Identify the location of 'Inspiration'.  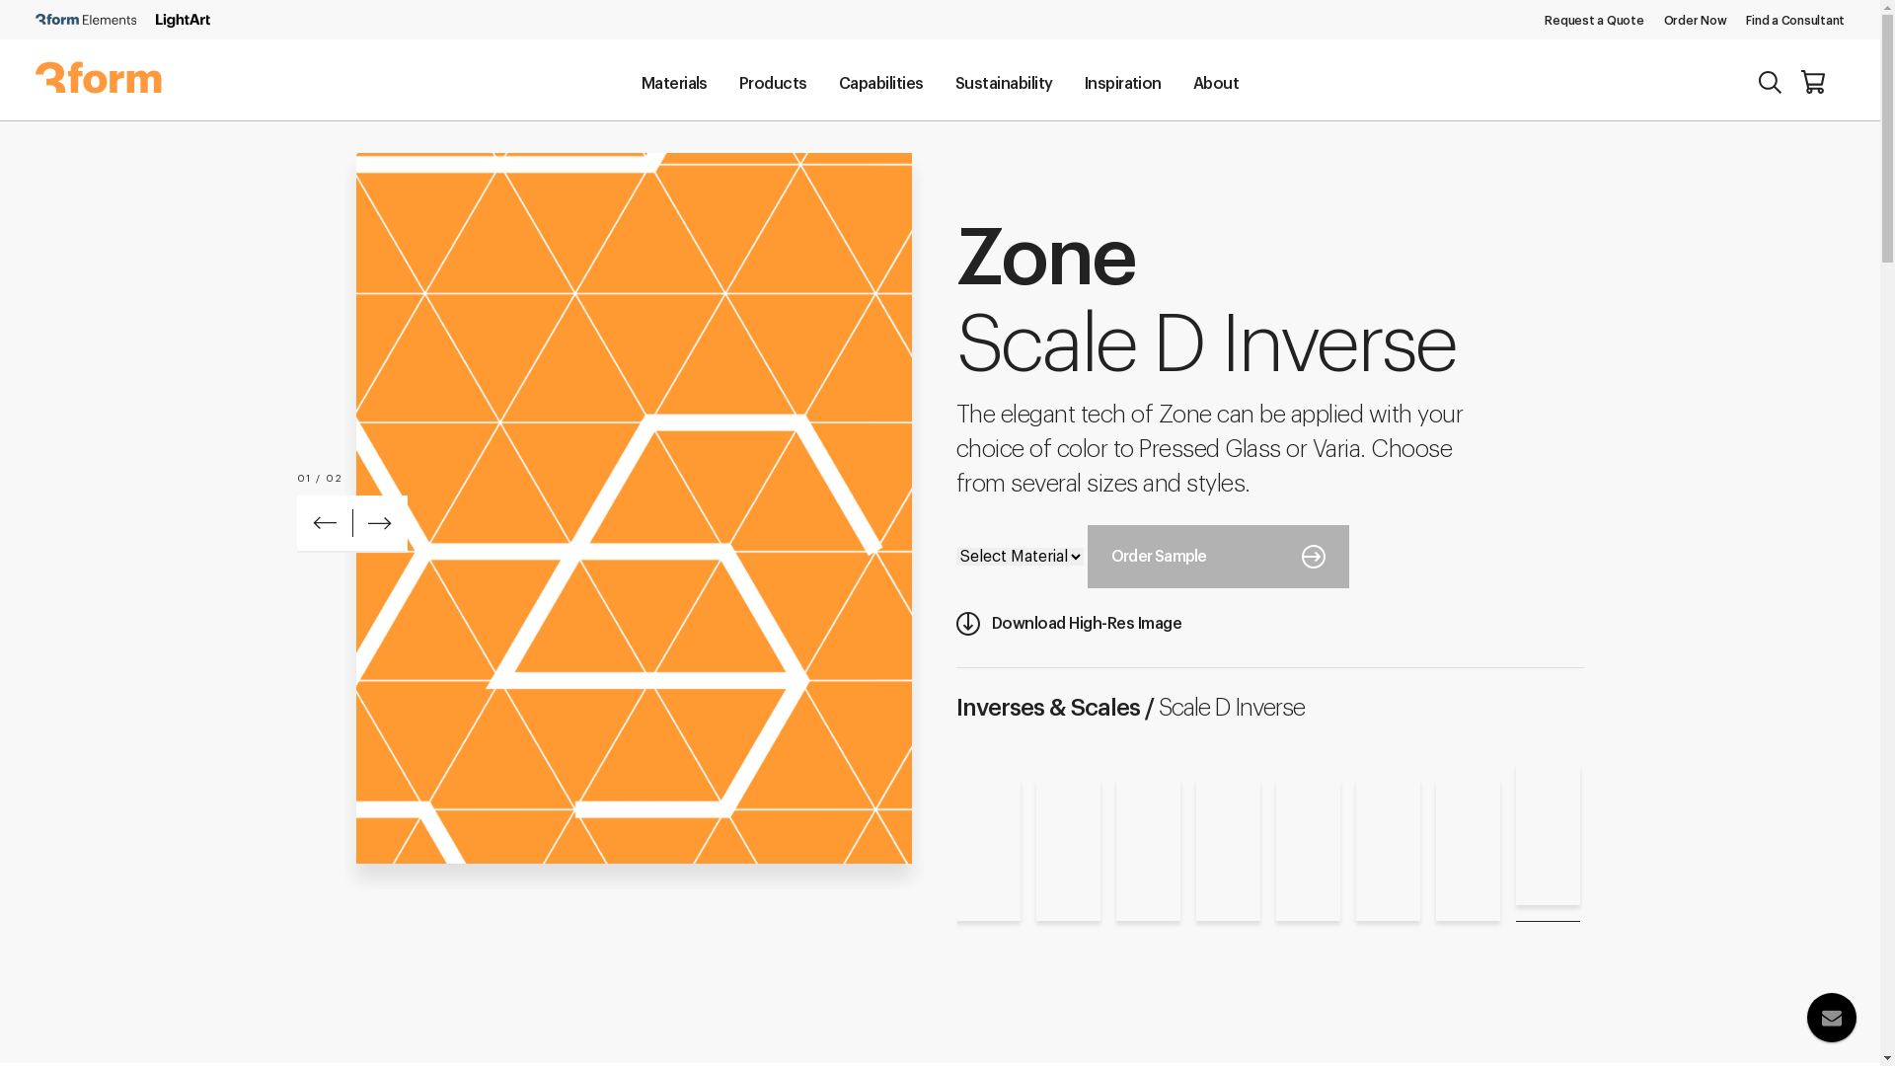
(1122, 81).